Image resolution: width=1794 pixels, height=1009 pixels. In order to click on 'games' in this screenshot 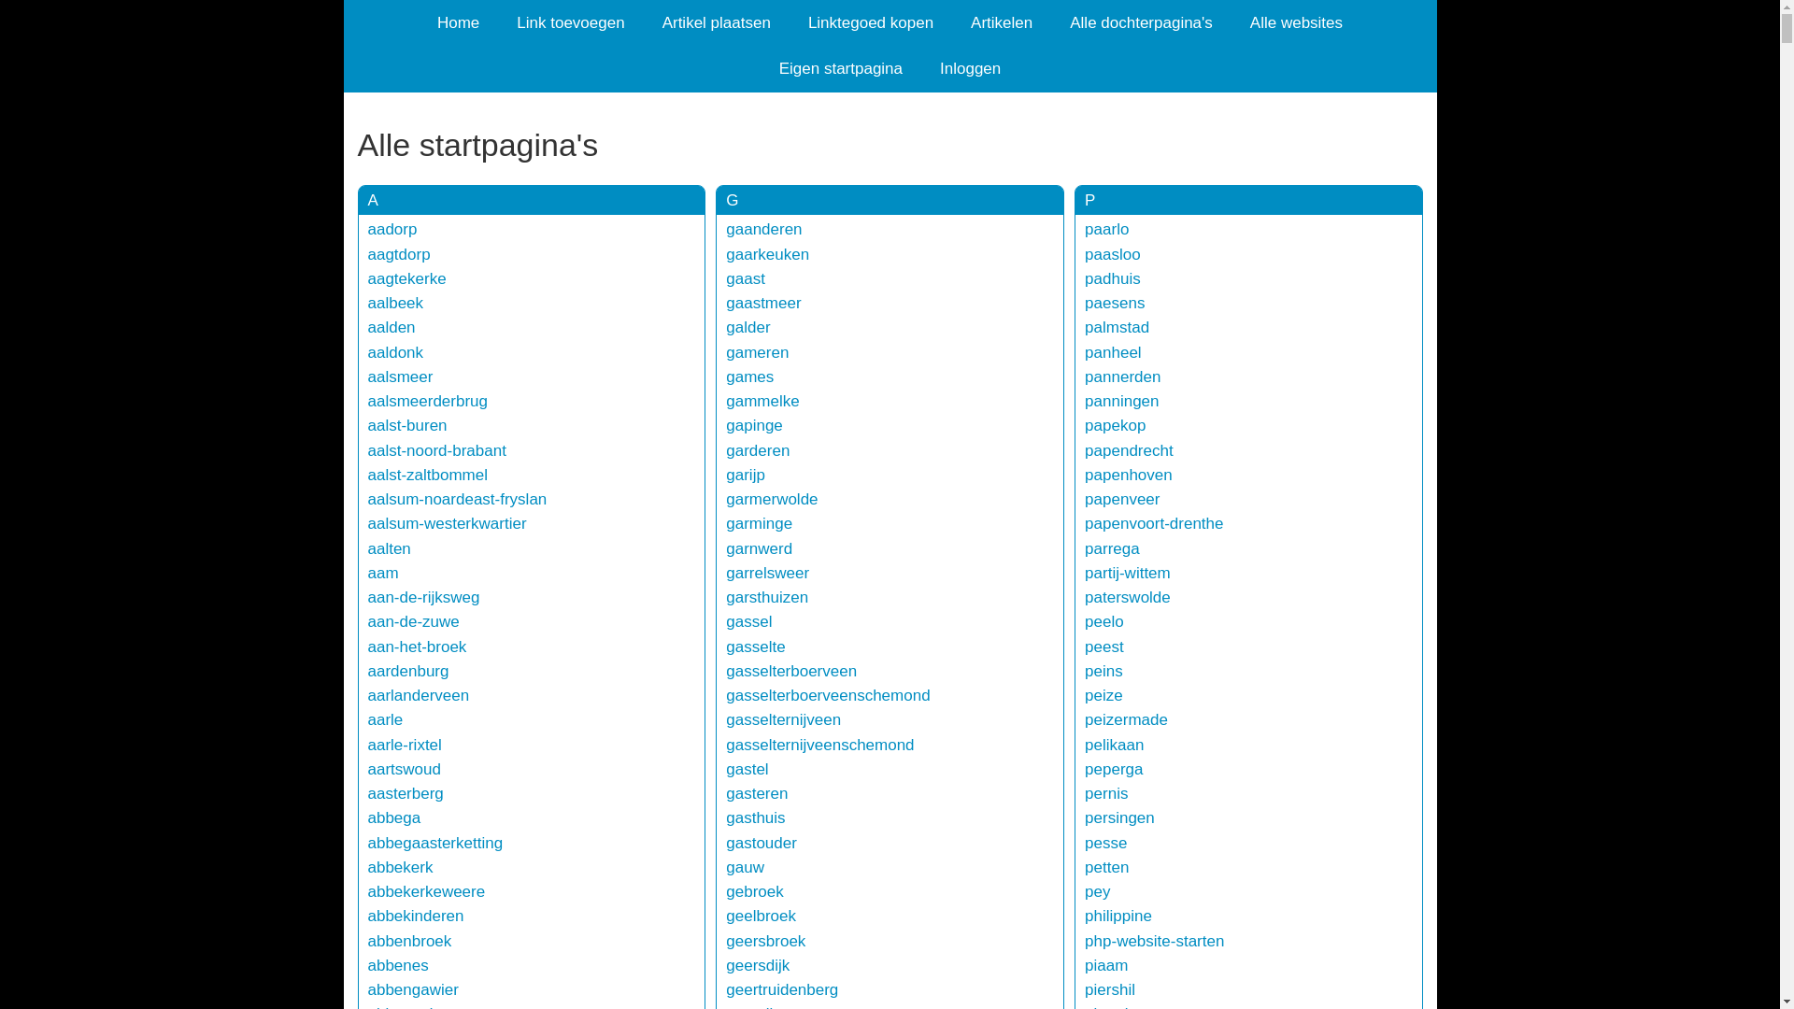, I will do `click(749, 377)`.